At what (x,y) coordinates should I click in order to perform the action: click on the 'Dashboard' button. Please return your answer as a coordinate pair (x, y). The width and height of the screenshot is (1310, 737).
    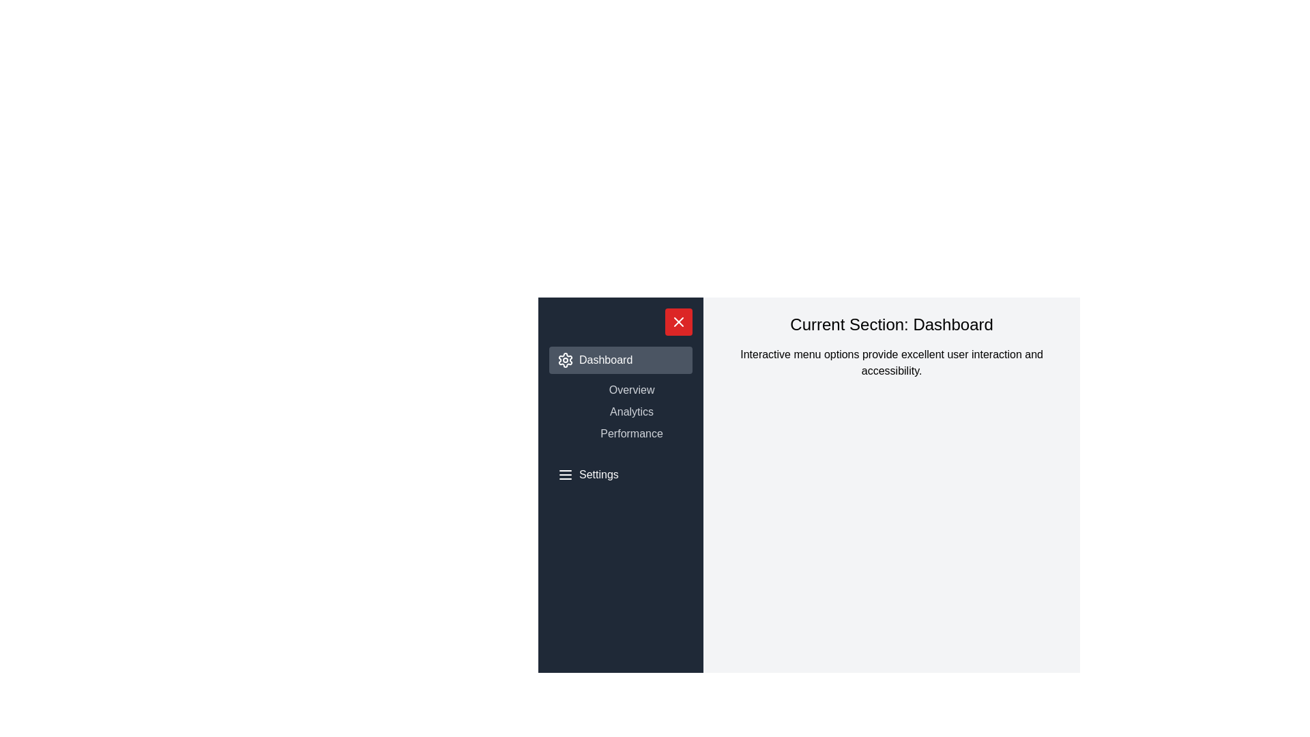
    Looking at the image, I should click on (620, 360).